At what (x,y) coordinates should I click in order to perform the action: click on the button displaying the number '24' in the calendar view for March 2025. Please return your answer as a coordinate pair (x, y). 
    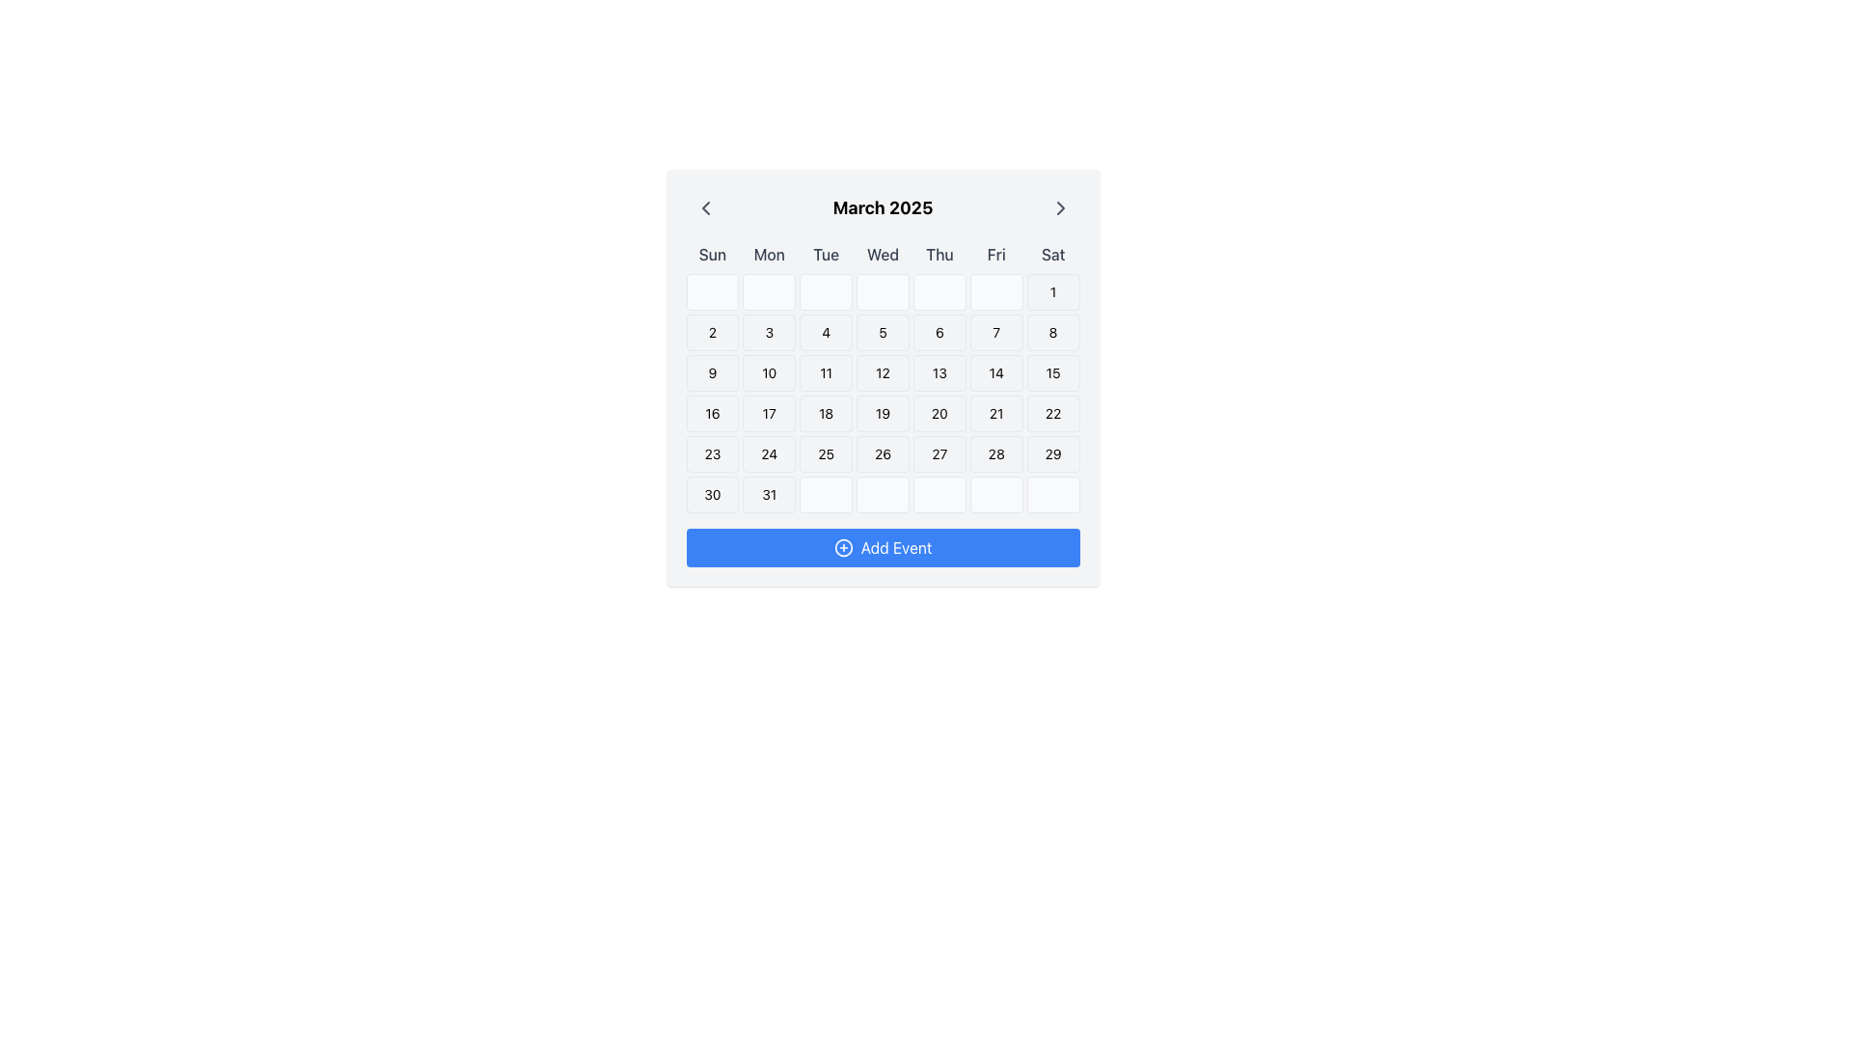
    Looking at the image, I should click on (768, 453).